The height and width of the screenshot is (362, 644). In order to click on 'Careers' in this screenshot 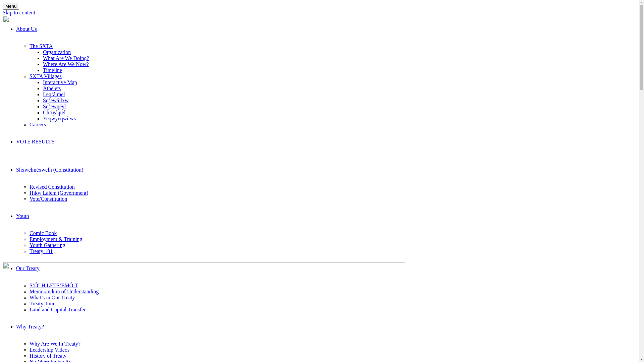, I will do `click(29, 124)`.